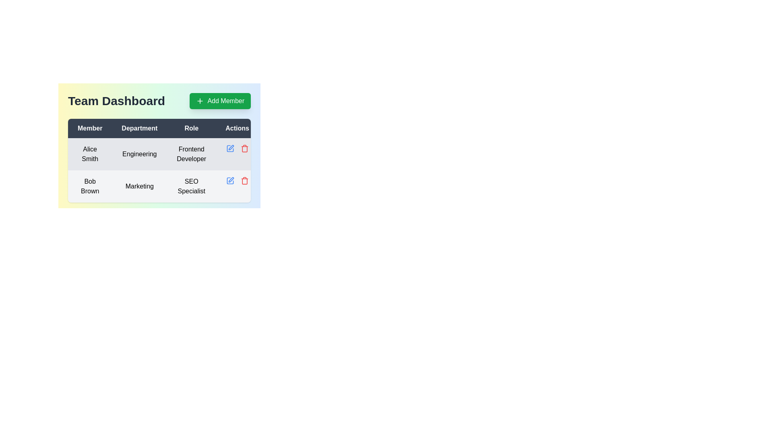 Image resolution: width=773 pixels, height=435 pixels. What do you see at coordinates (231, 179) in the screenshot?
I see `the edit icon button in the second row of the 'Actions' column in the team member management table` at bounding box center [231, 179].